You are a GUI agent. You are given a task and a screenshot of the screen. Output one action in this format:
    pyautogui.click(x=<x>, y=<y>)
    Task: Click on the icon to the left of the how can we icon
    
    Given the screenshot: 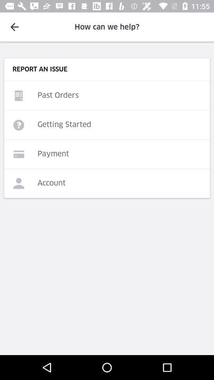 What is the action you would take?
    pyautogui.click(x=14, y=27)
    